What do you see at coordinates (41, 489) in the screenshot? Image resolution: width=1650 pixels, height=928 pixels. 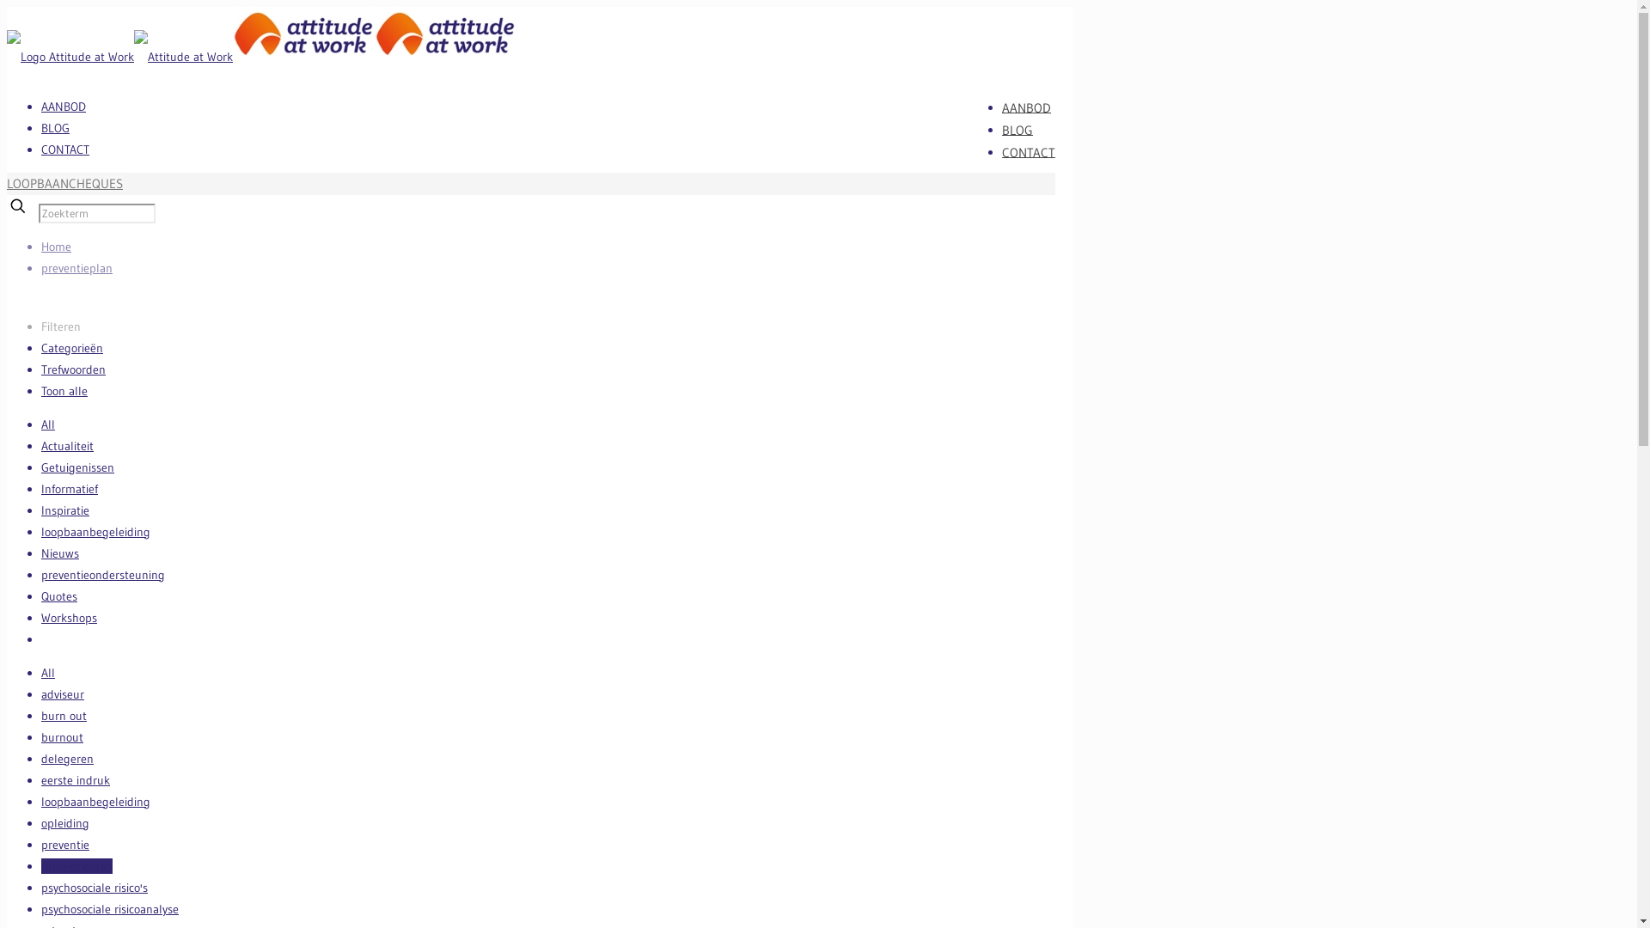 I see `'Informatief'` at bounding box center [41, 489].